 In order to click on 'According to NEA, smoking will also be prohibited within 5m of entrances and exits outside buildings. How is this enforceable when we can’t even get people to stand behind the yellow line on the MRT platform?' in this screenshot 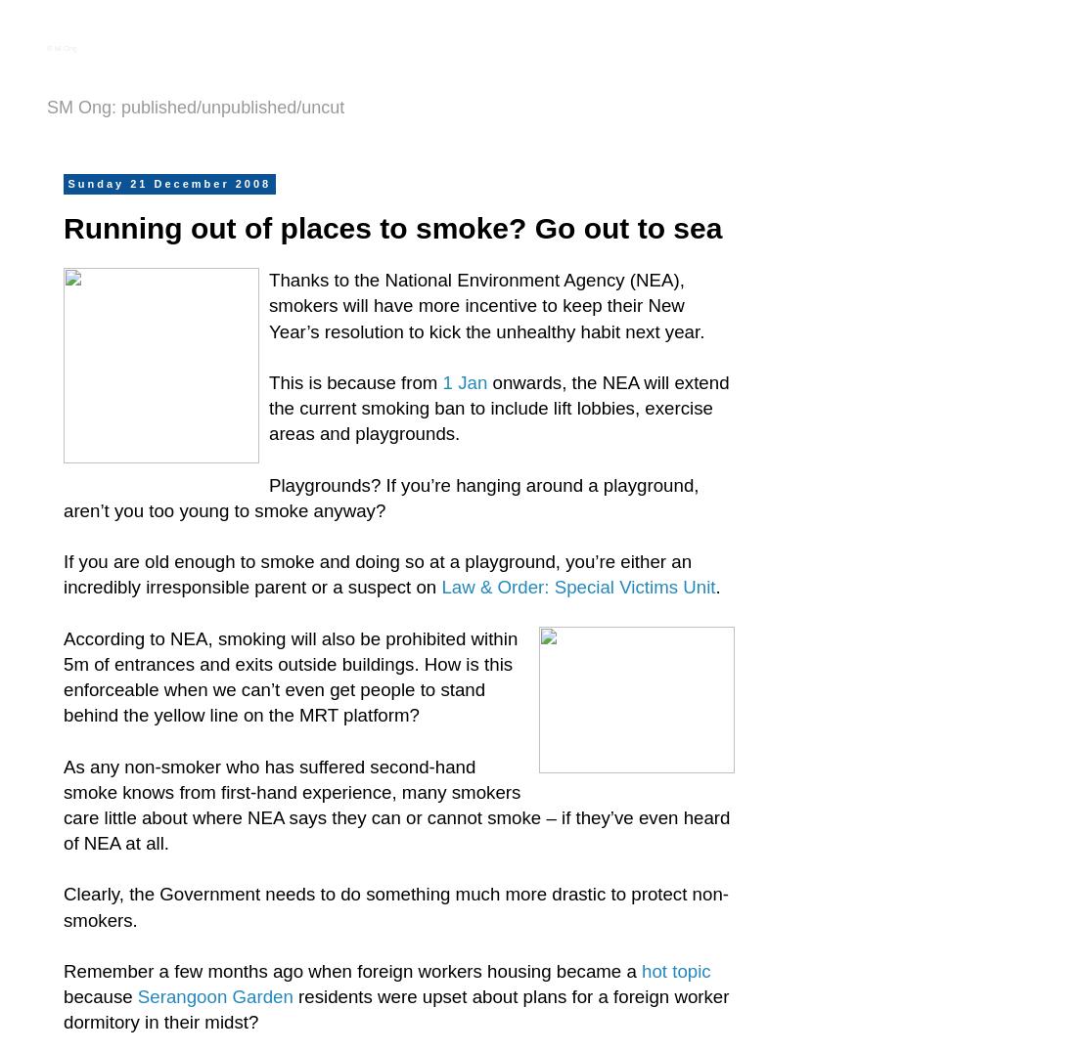, I will do `click(291, 676)`.